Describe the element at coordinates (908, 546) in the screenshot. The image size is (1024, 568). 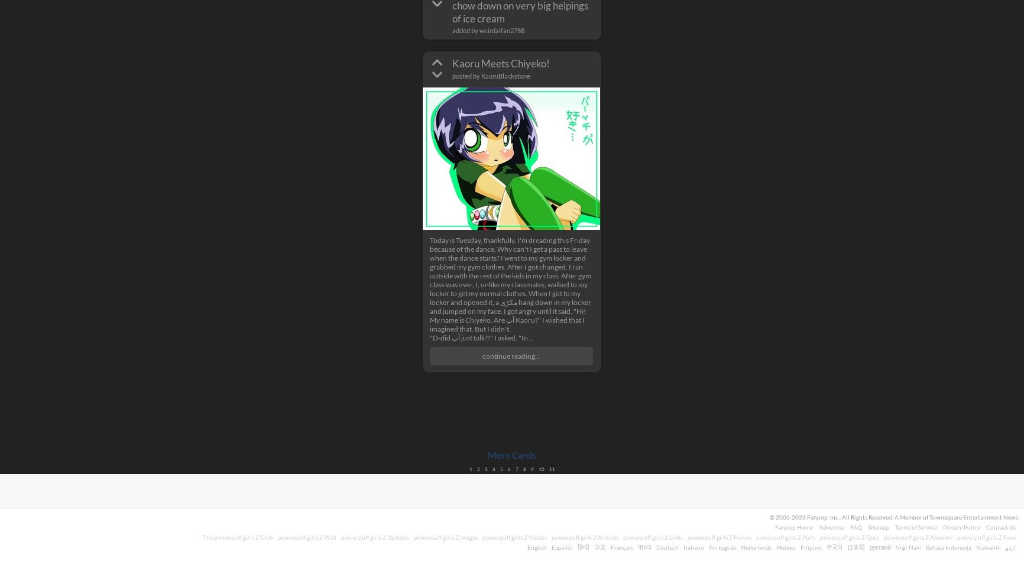
I see `'Việt Nam'` at that location.